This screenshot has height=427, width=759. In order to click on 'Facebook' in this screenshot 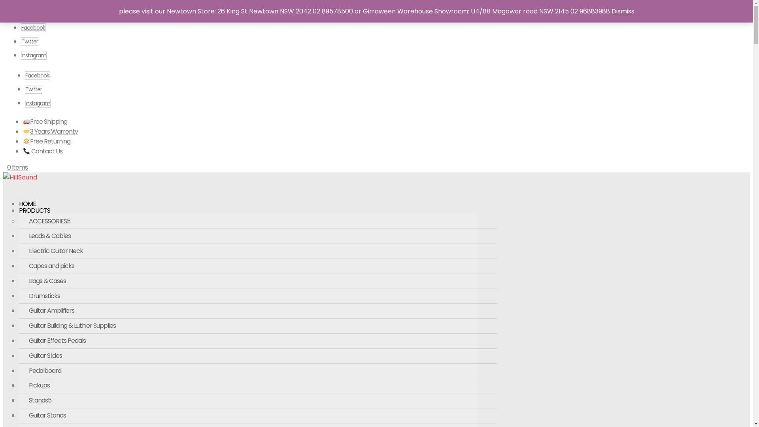, I will do `click(32, 27)`.